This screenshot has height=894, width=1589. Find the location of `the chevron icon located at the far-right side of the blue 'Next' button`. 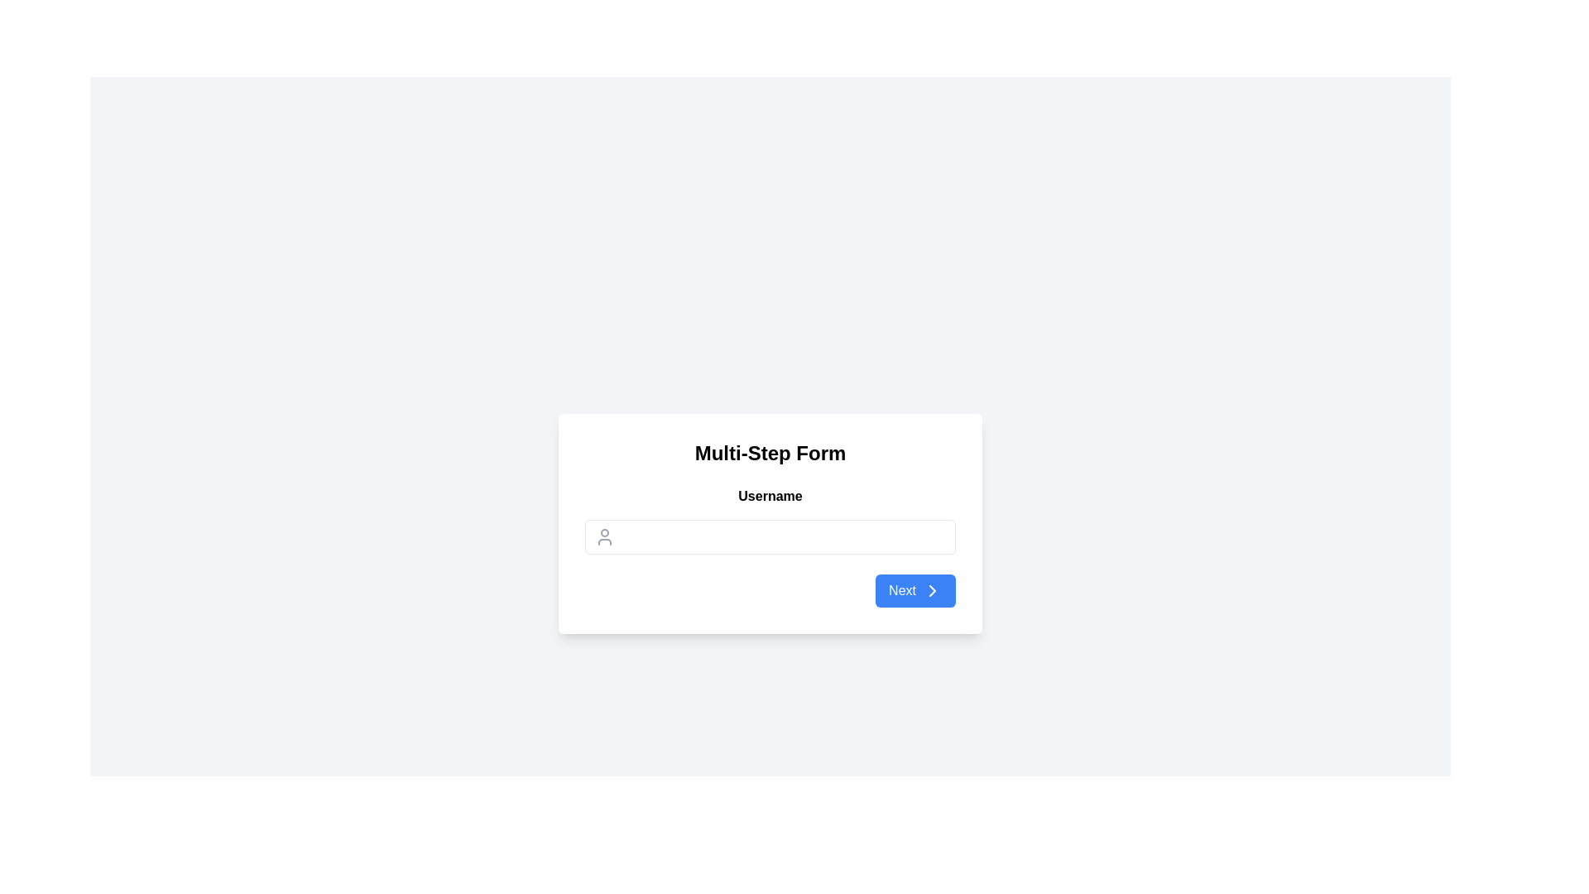

the chevron icon located at the far-right side of the blue 'Next' button is located at coordinates (933, 589).